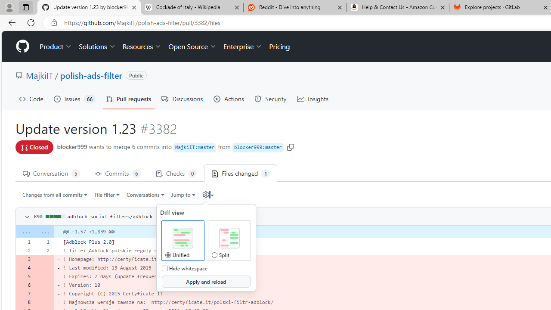 The width and height of the screenshot is (551, 310). What do you see at coordinates (56, 46) in the screenshot?
I see `'Product'` at bounding box center [56, 46].